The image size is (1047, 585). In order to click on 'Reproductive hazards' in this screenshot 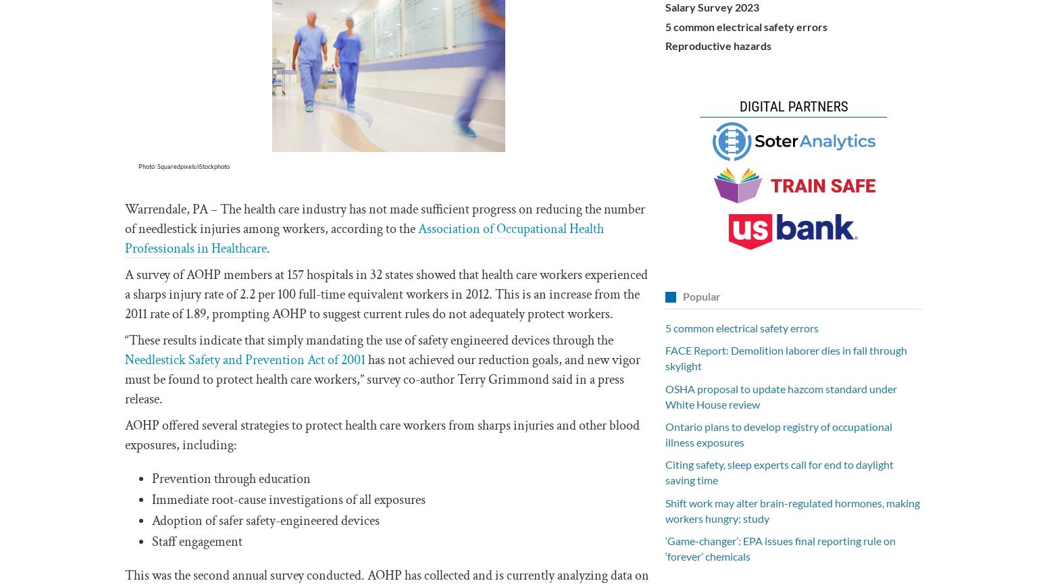, I will do `click(665, 45)`.